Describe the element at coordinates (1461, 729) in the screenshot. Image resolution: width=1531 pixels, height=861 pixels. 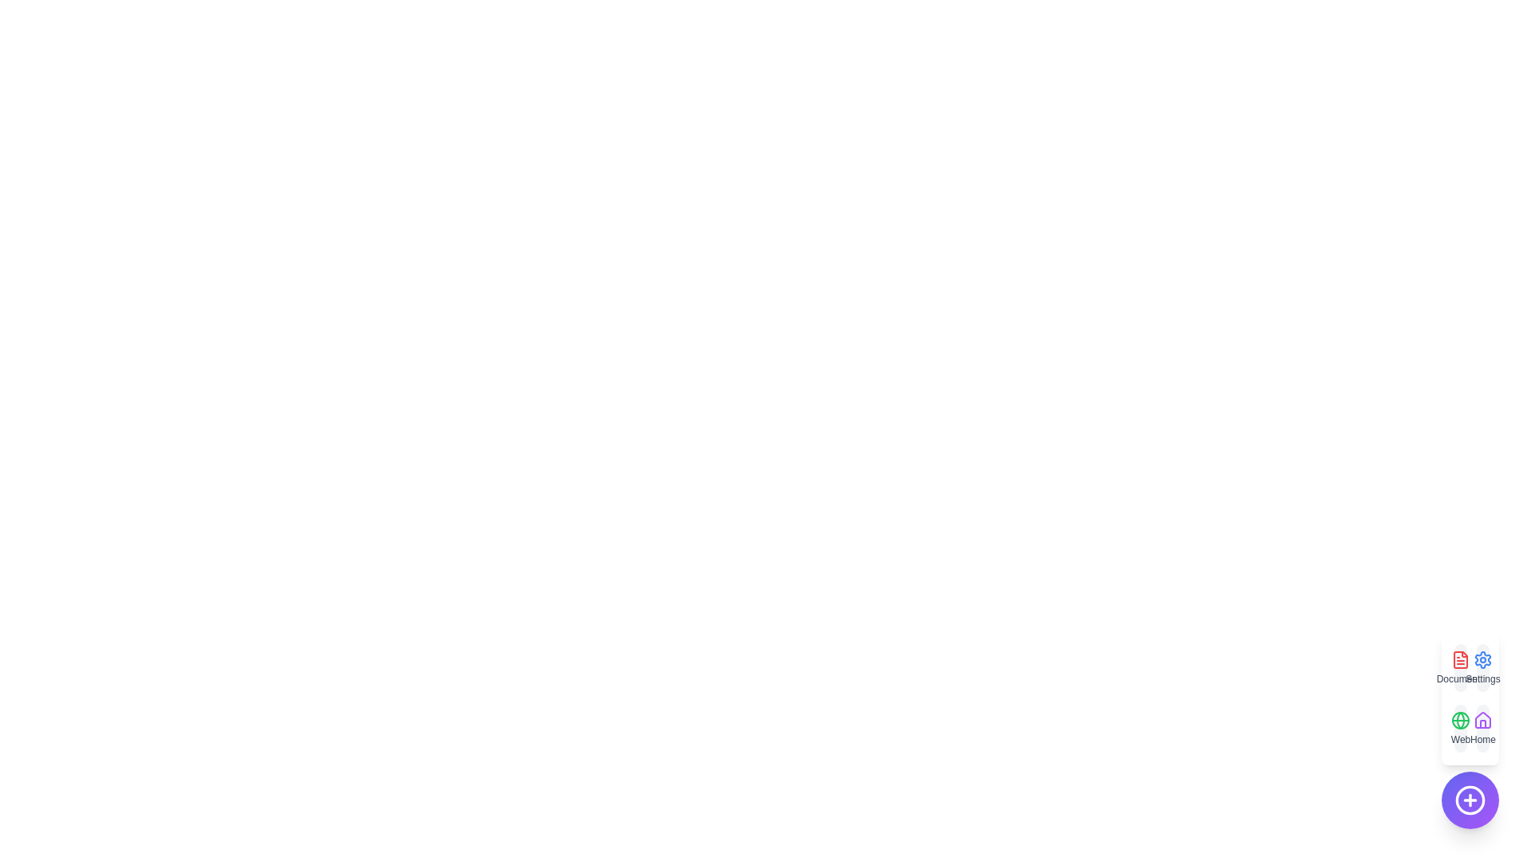
I see `the Web option in the EnhancedSpeedDial component` at that location.